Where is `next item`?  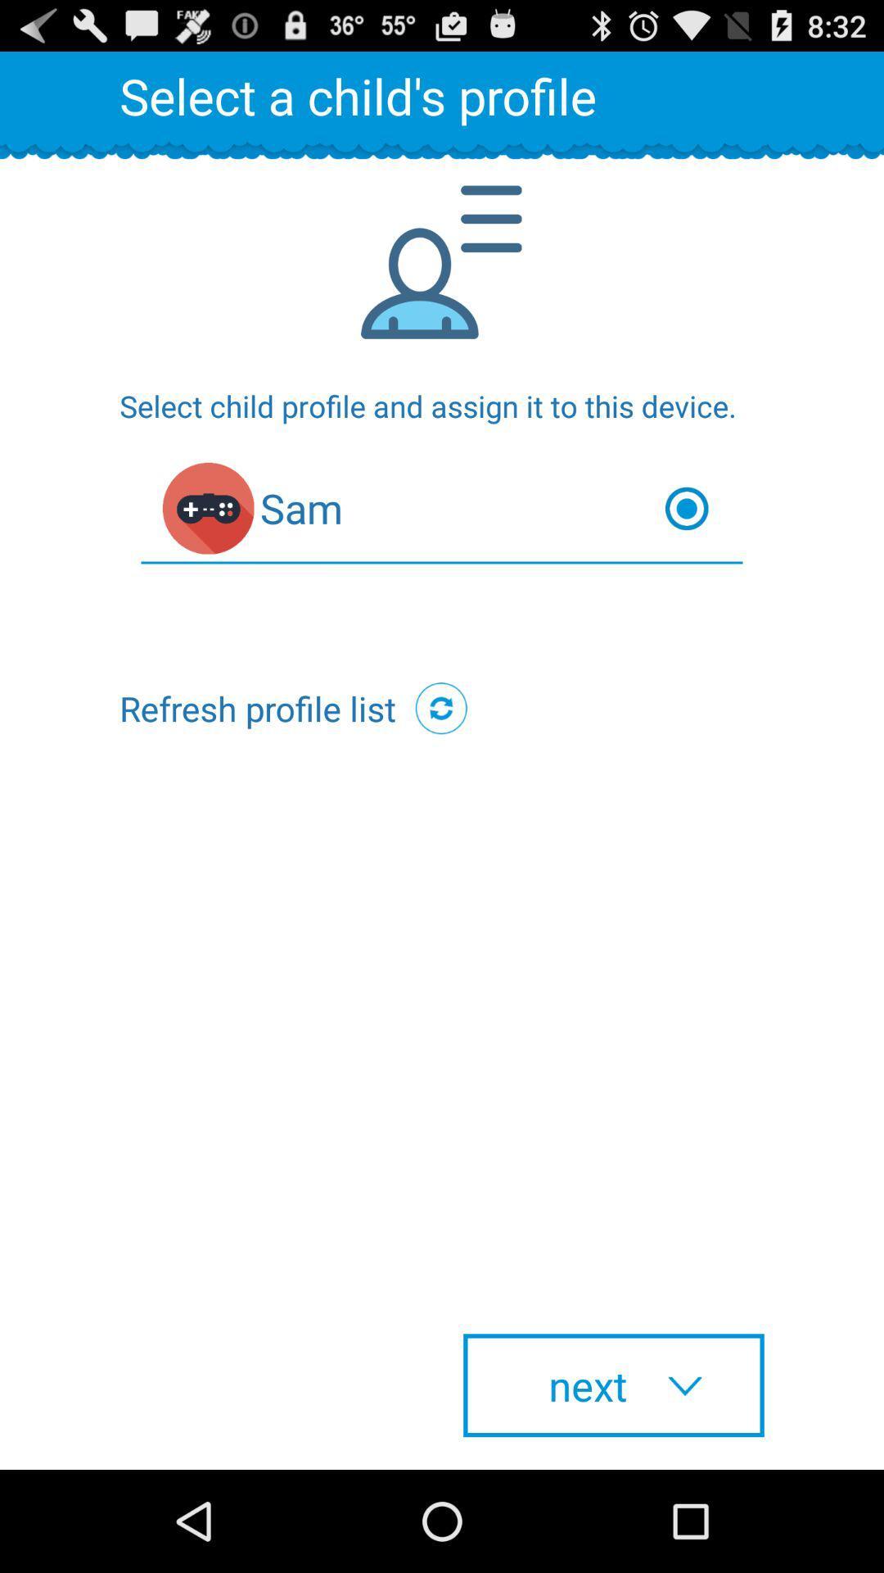 next item is located at coordinates (613, 1385).